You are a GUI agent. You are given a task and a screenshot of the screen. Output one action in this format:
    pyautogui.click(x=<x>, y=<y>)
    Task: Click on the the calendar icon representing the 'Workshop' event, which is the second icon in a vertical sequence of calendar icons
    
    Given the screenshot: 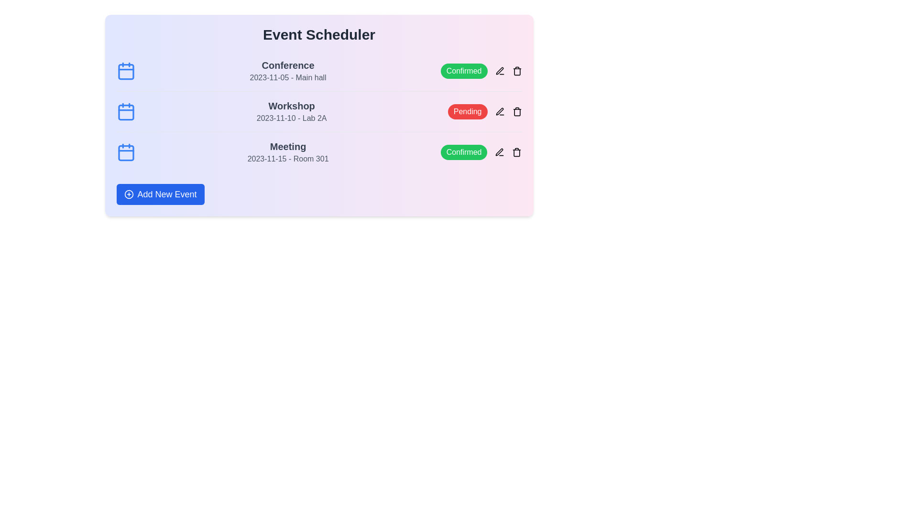 What is the action you would take?
    pyautogui.click(x=125, y=111)
    